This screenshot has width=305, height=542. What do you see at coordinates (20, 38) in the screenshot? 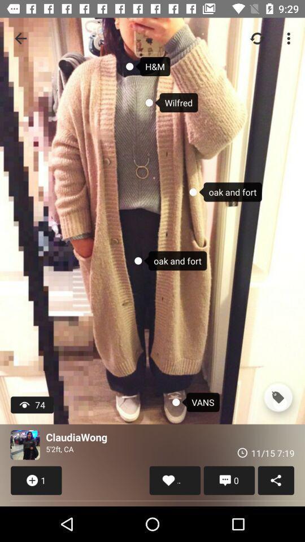
I see `the icon above the 74 item` at bounding box center [20, 38].